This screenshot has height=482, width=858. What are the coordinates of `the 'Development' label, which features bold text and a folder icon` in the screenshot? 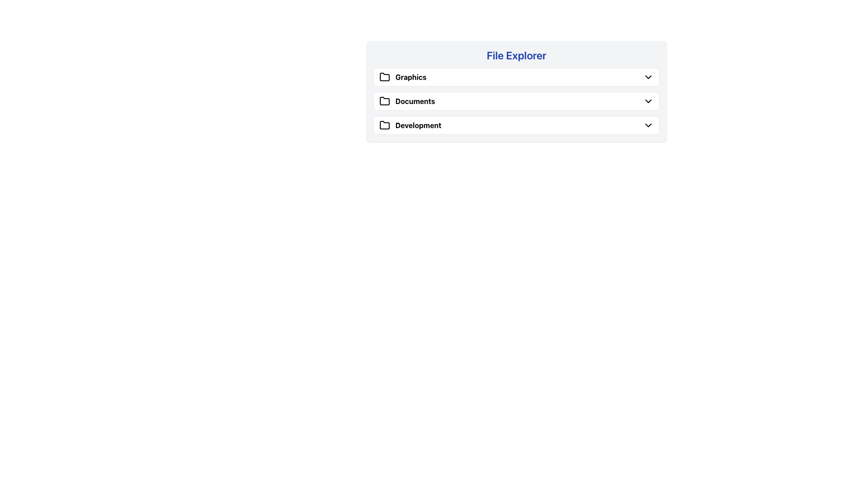 It's located at (410, 125).